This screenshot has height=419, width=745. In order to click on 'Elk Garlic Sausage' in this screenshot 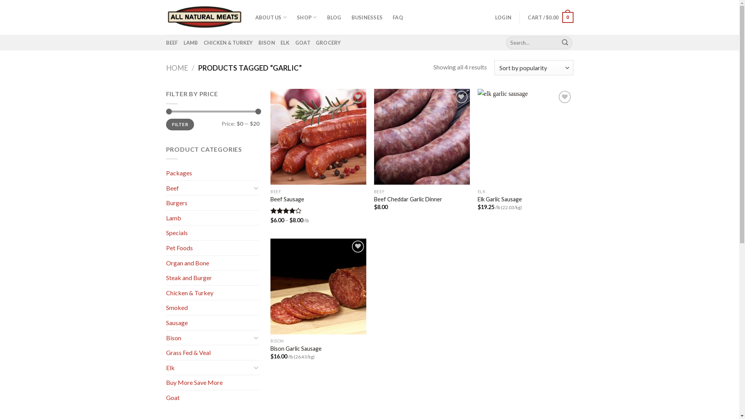, I will do `click(499, 199)`.